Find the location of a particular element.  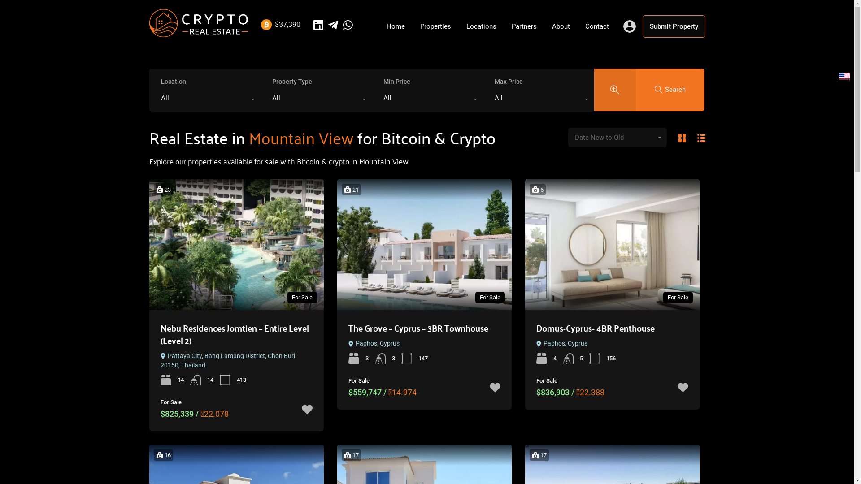

'Locations' is located at coordinates (480, 26).